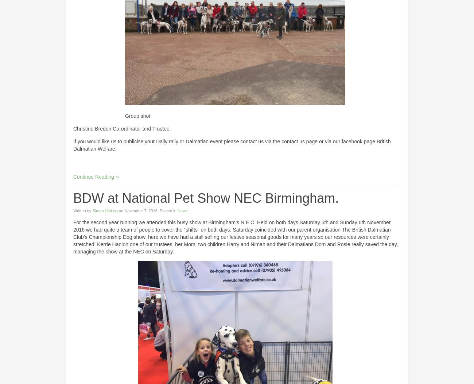 The image size is (474, 384). Describe the element at coordinates (235, 236) in the screenshot. I see `'For the second year running we attended this busy show at Birmingham’s N.E.C. Held on both days Saturday 5th and Sunday 6th November 2016 we had quite a team of people to cover the “shifts” on both days. Saturday coincided with our parent organisation The British Dalmatian Club’s Championship Dog show, here we have had a stall selling our festive seasonal goods for many years so our resources were certainly stretched! Kerrie Hanlon one of our trustees, her Mom, two children Harry and Nimah and their Dalmatians Dom and Rosie really saved the day, managing the show at the NEC on Saturday.'` at that location.